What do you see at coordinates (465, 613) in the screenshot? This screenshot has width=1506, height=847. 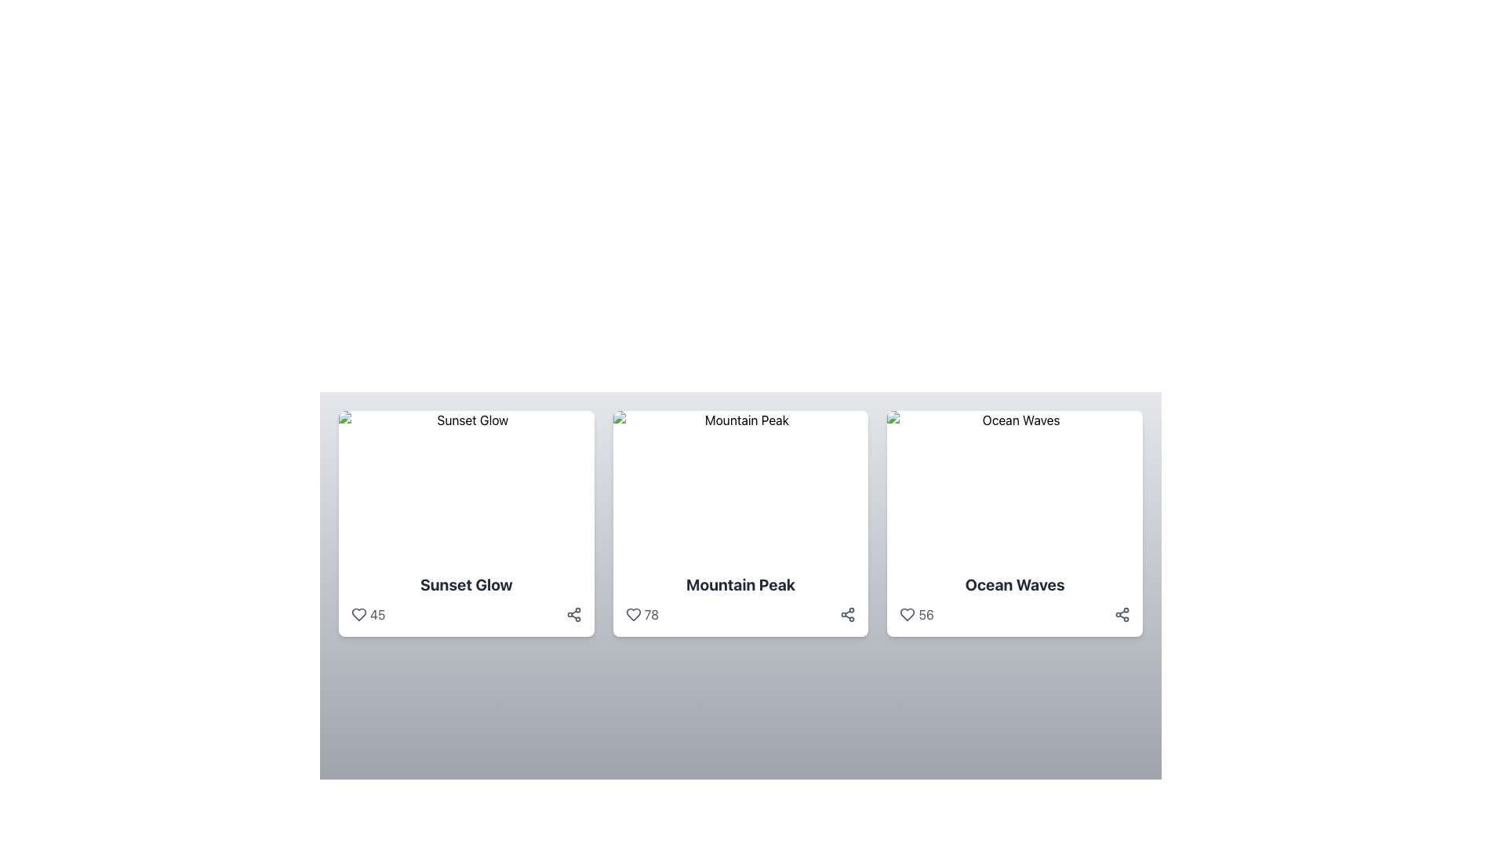 I see `the like count number in the Utility bar at the bottom of the 'Sunset Glow' card` at bounding box center [465, 613].